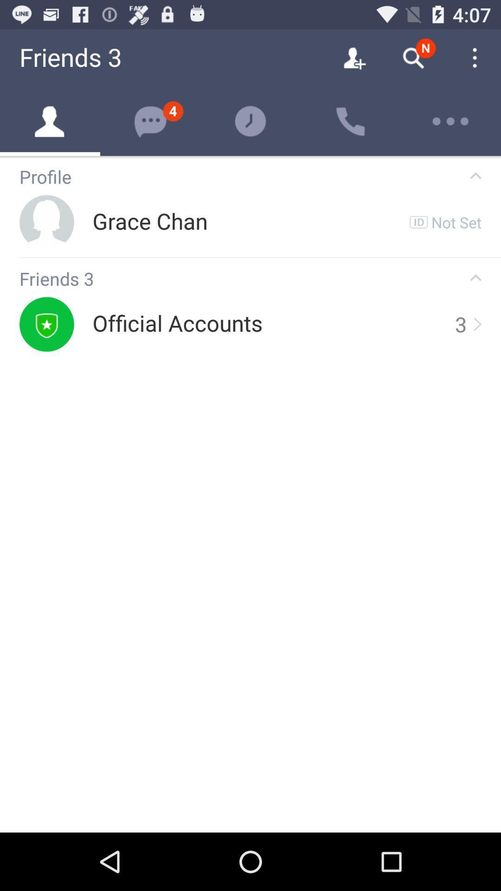  I want to click on the app next to 3 app, so click(476, 324).